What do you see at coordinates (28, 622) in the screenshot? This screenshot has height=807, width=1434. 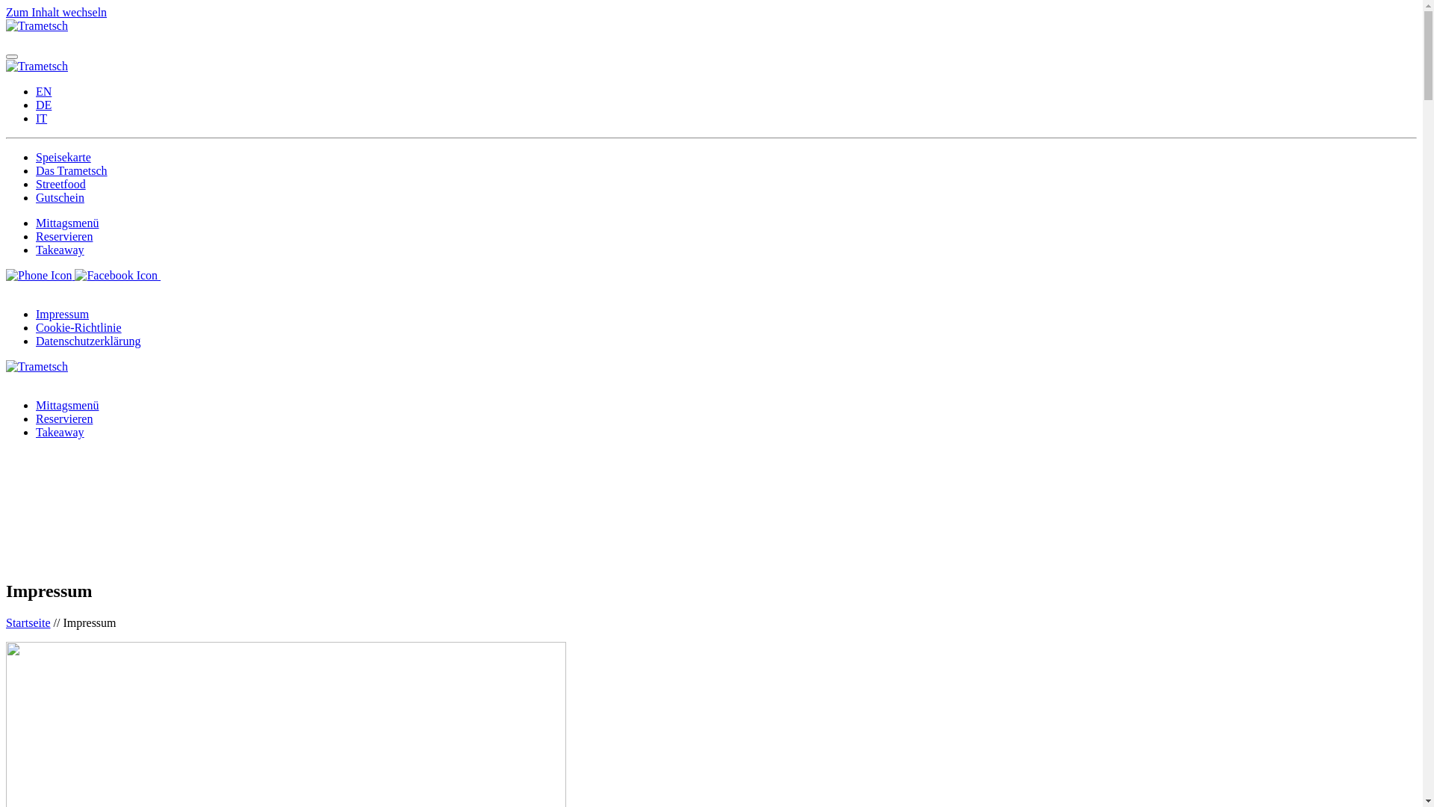 I see `'Startseite'` at bounding box center [28, 622].